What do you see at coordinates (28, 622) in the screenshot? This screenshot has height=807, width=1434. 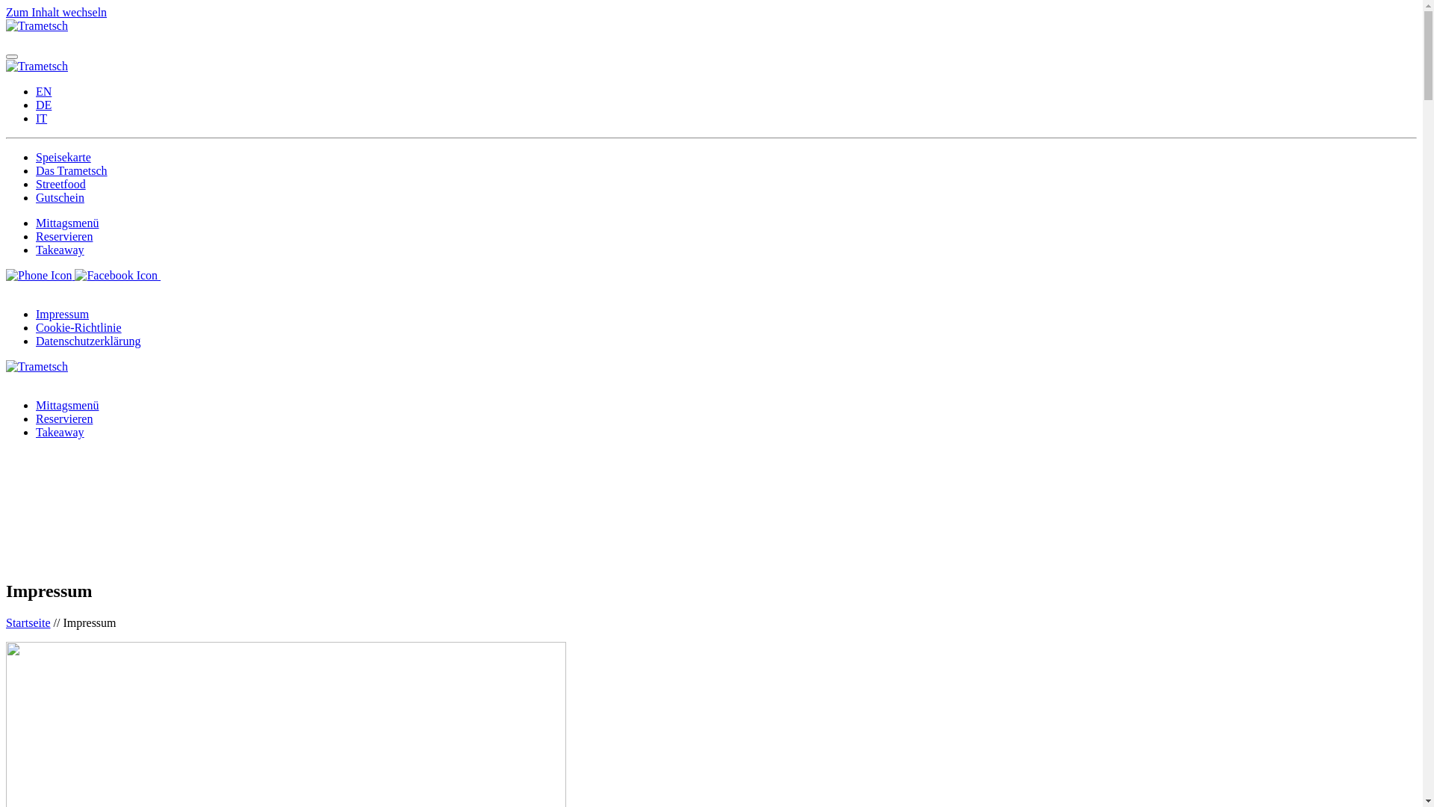 I see `'Startseite'` at bounding box center [28, 622].